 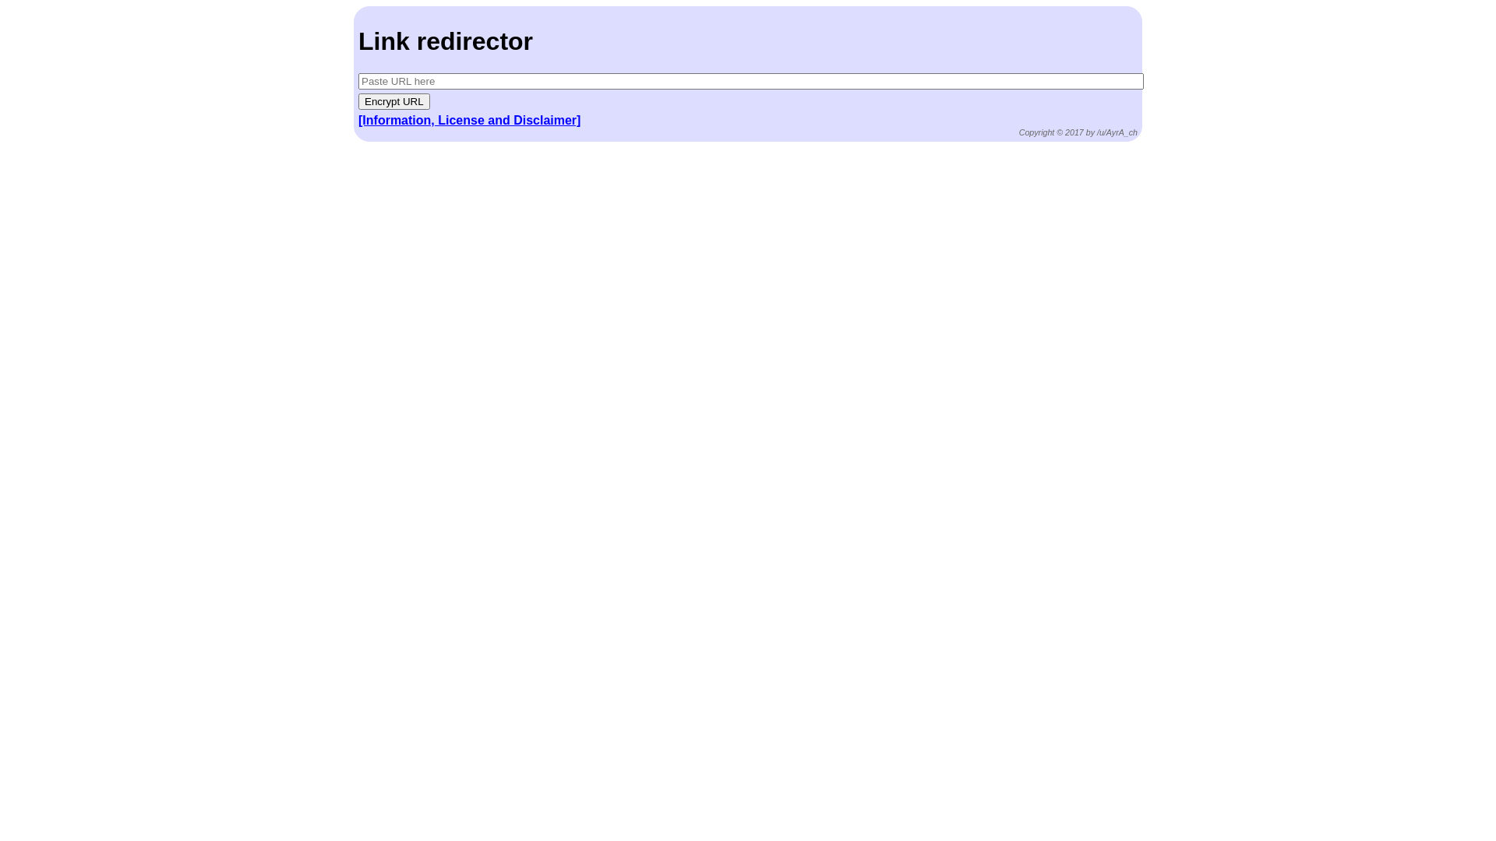 I want to click on '[Information, License and Disclaimer]', so click(x=358, y=119).